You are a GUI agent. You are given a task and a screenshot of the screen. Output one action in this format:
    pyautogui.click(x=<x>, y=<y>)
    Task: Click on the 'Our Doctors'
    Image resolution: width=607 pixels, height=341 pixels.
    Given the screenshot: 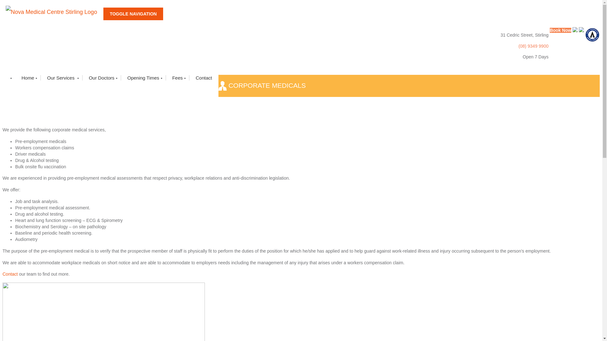 What is the action you would take?
    pyautogui.click(x=101, y=77)
    